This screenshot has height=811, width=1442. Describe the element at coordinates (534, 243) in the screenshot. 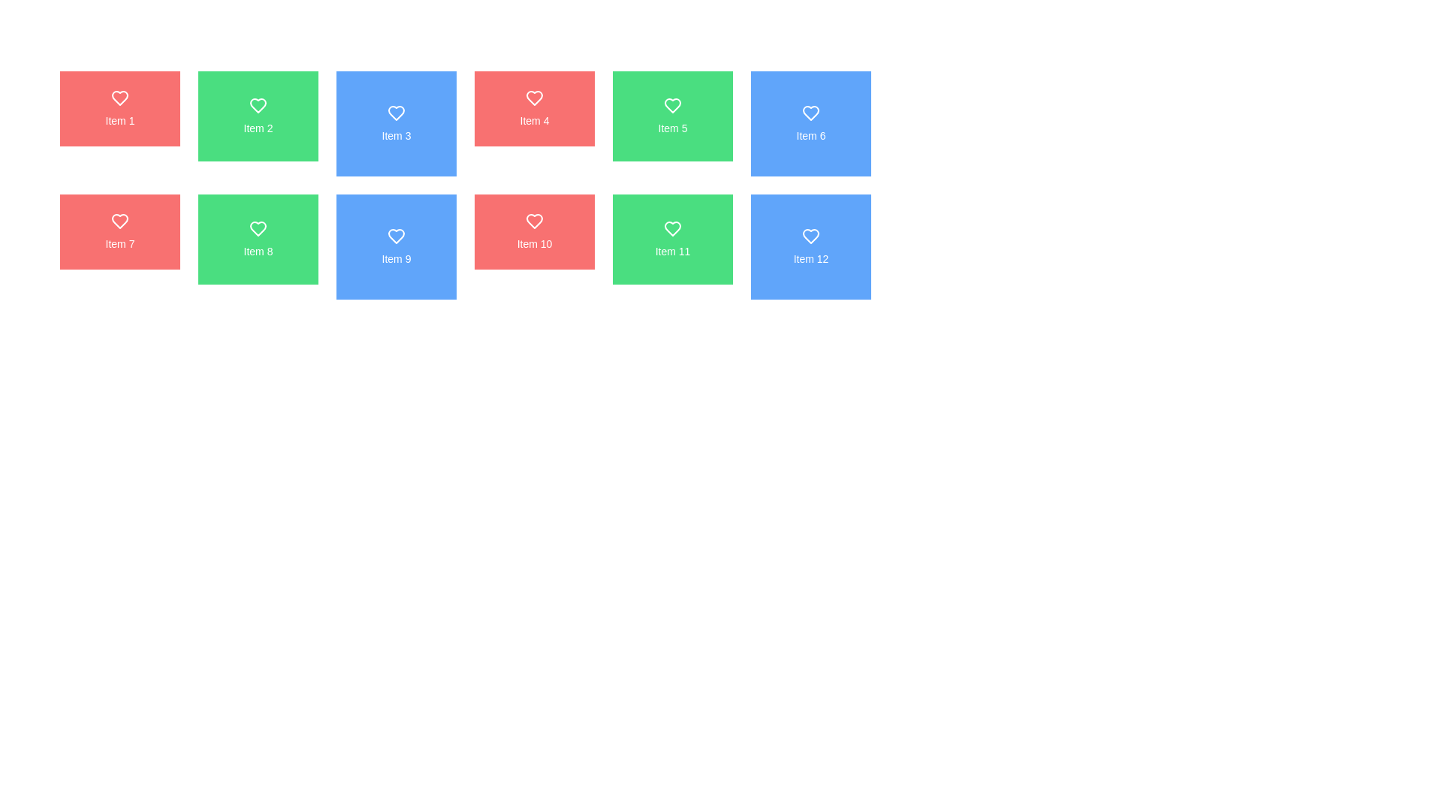

I see `the text label that identifies 'Item 10' located in the second row, second column of the grid` at that location.